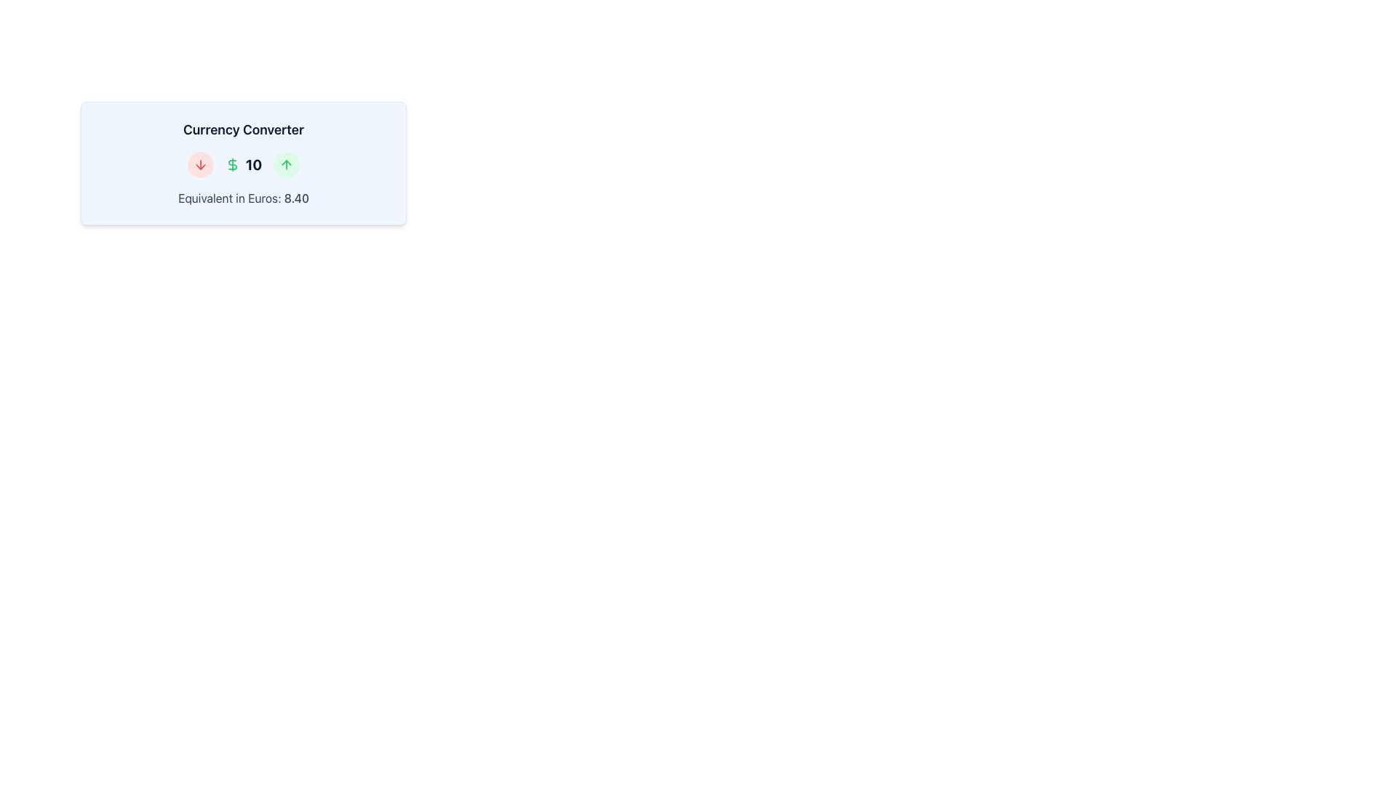 The image size is (1397, 785). Describe the element at coordinates (199, 164) in the screenshot. I see `the decrement button located on the leftmost side of the horizontally aligned group in the 'Currency Converter' section for keyboard navigation` at that location.